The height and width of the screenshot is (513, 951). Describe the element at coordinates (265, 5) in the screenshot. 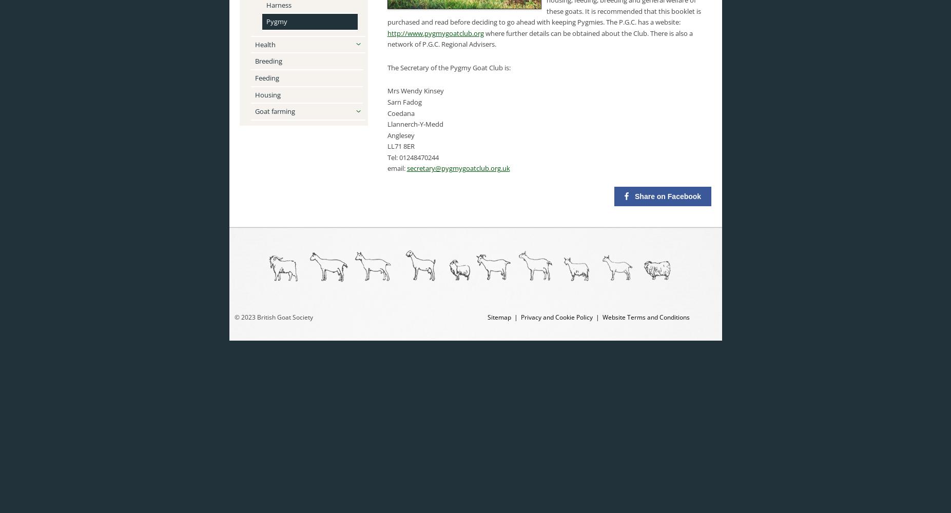

I see `'Harness'` at that location.